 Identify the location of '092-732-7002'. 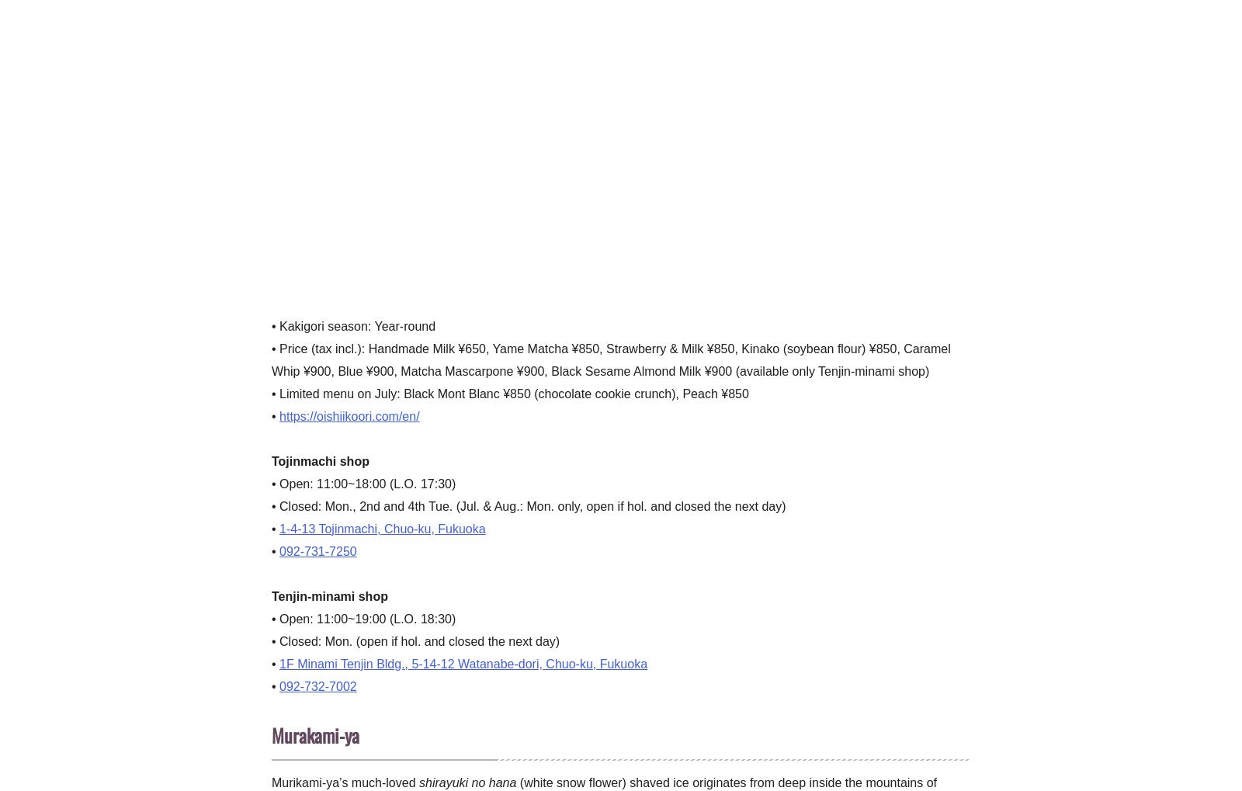
(279, 685).